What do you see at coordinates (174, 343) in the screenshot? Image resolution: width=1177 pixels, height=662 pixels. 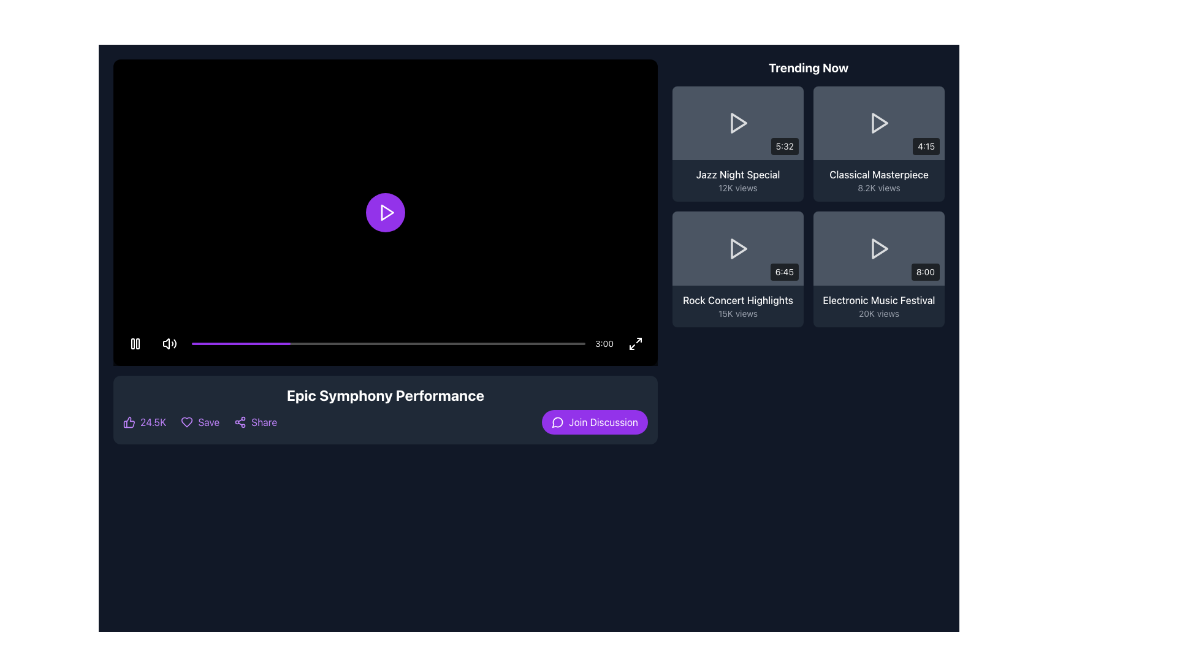 I see `the sound volume increasing icon located on the right side of the volume control group` at bounding box center [174, 343].